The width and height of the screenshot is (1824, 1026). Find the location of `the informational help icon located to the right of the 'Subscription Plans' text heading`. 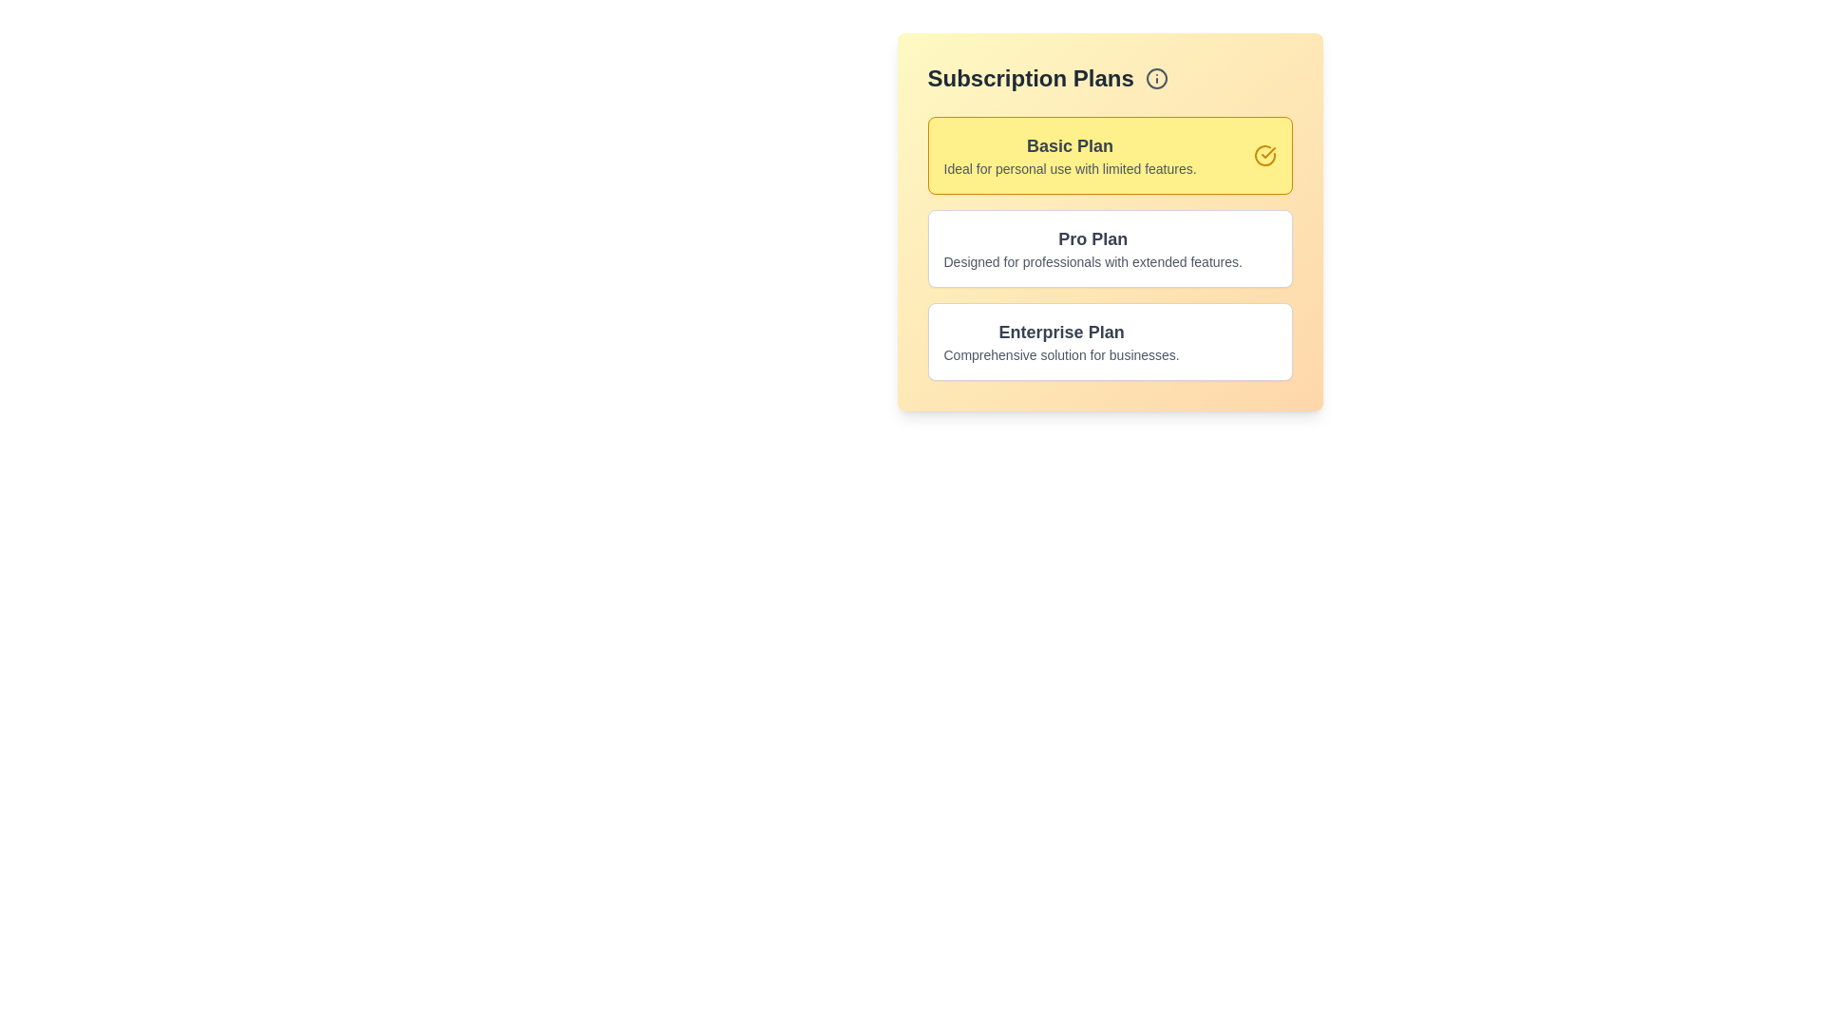

the informational help icon located to the right of the 'Subscription Plans' text heading is located at coordinates (1155, 78).